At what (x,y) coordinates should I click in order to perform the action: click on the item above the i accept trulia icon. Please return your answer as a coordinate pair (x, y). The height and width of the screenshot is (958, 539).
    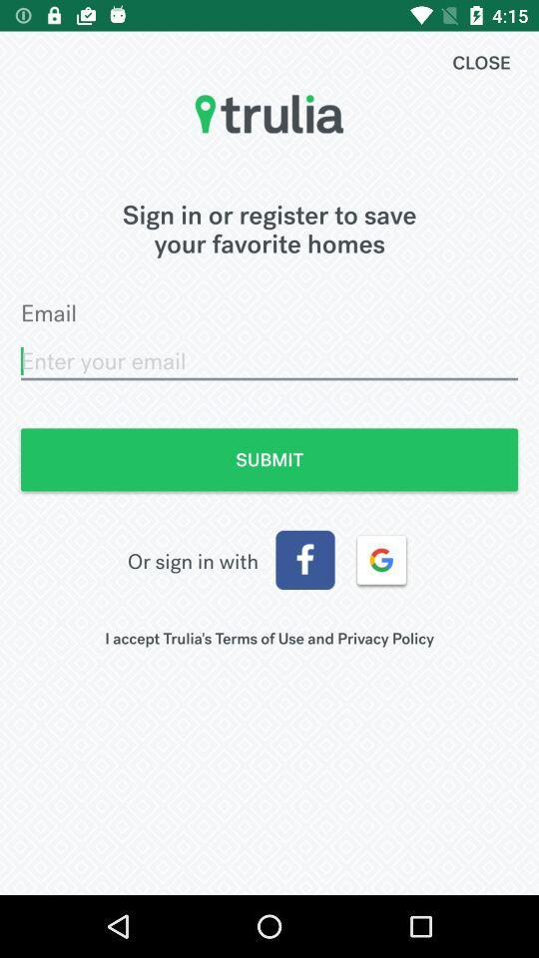
    Looking at the image, I should click on (381, 560).